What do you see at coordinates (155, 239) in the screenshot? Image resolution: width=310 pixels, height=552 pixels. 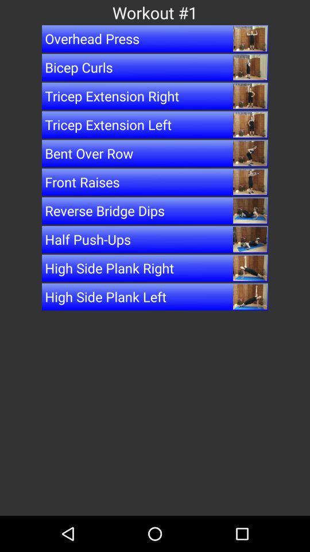 I see `button below the reverse bridge dips button` at bounding box center [155, 239].